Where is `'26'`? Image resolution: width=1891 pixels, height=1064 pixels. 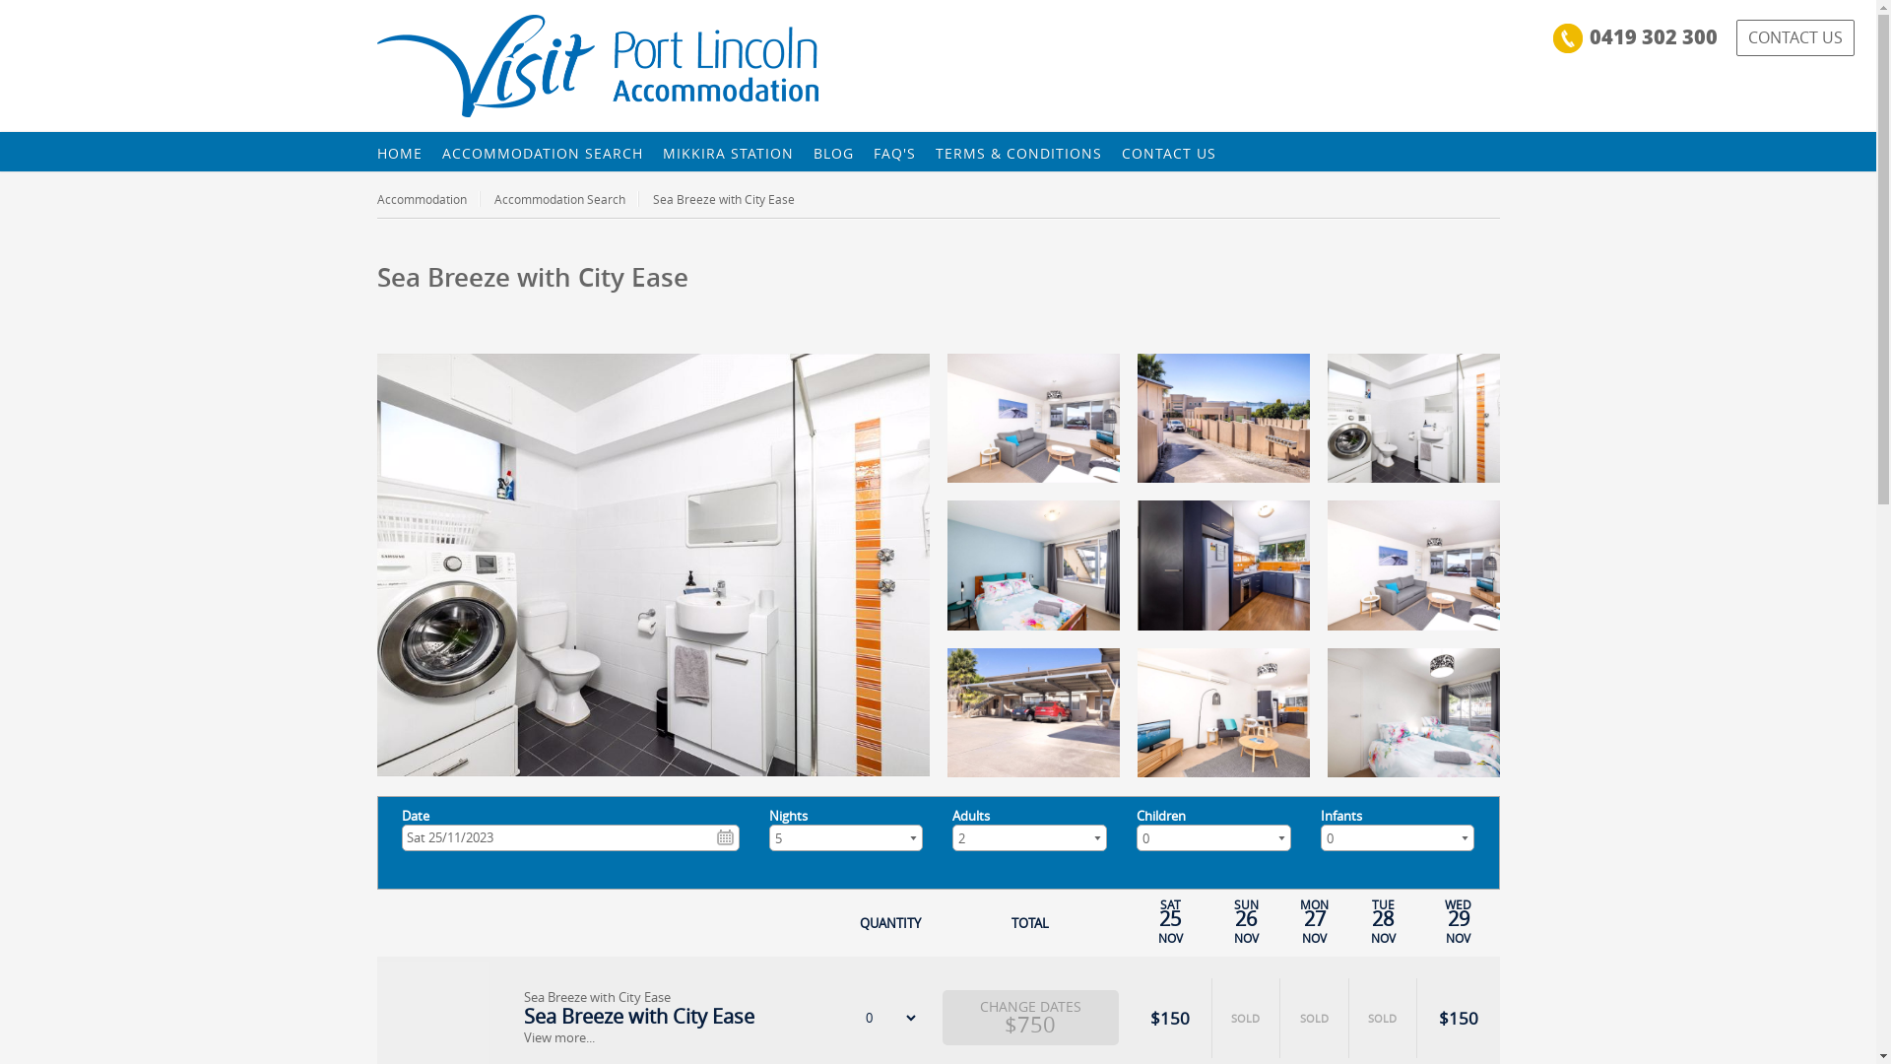 '26' is located at coordinates (1245, 919).